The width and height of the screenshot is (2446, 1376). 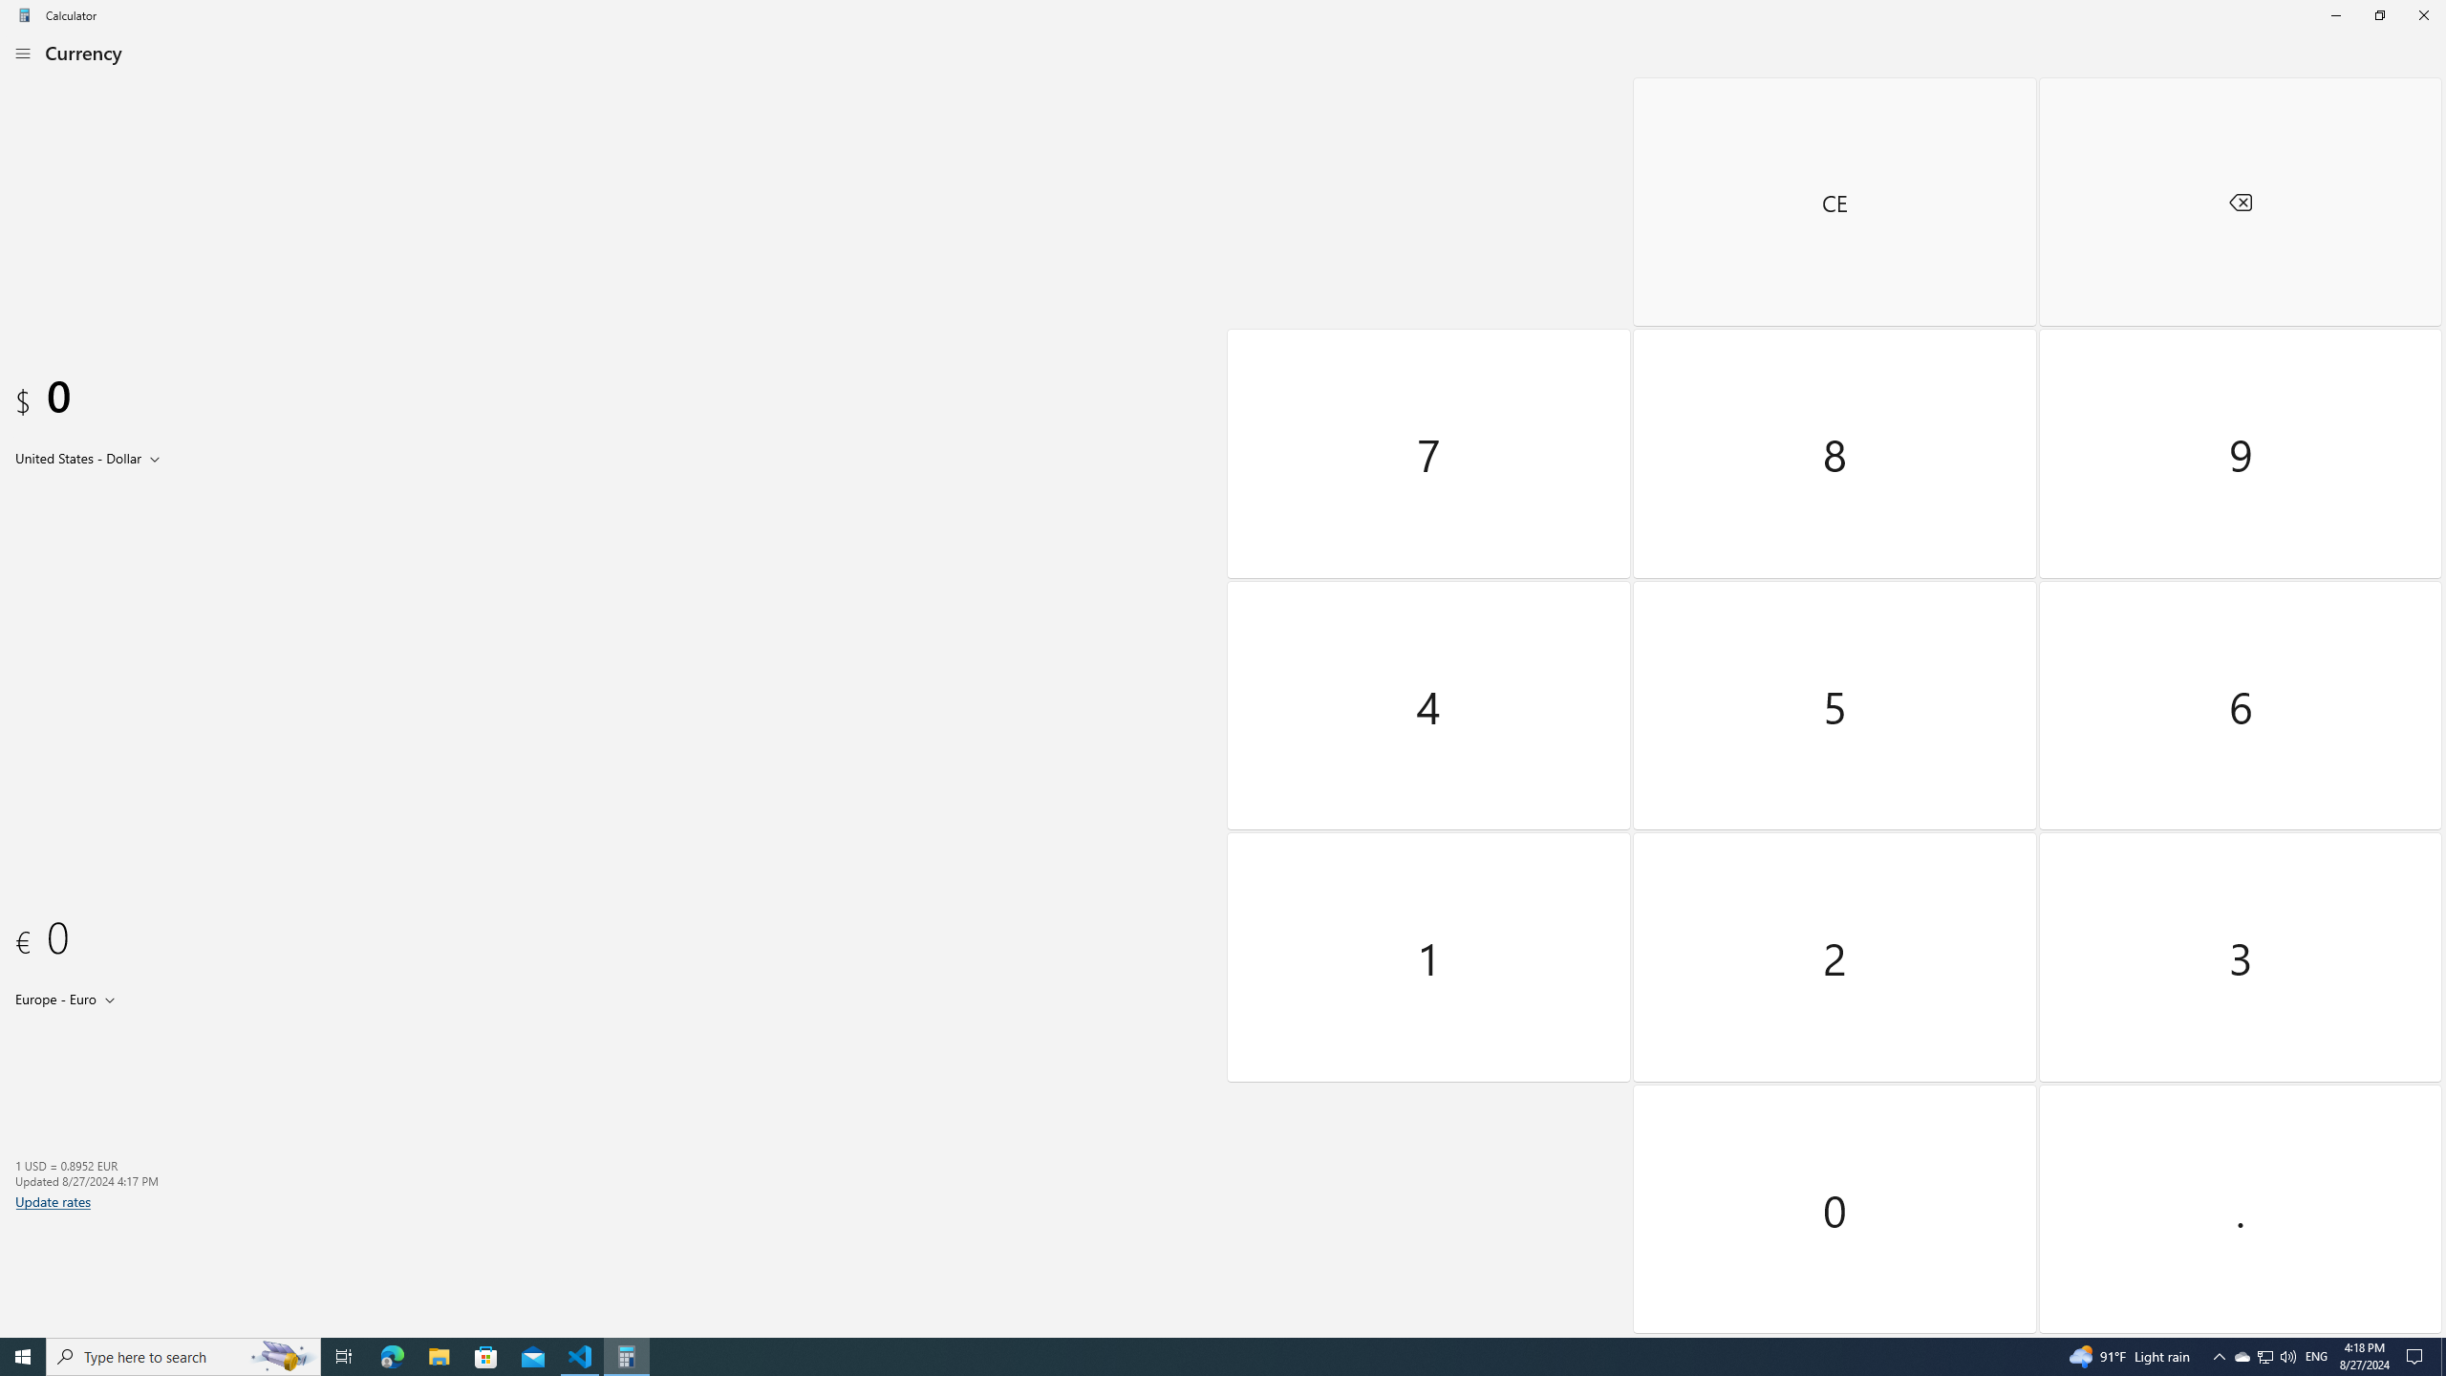 I want to click on 'Output unit', so click(x=69, y=997).